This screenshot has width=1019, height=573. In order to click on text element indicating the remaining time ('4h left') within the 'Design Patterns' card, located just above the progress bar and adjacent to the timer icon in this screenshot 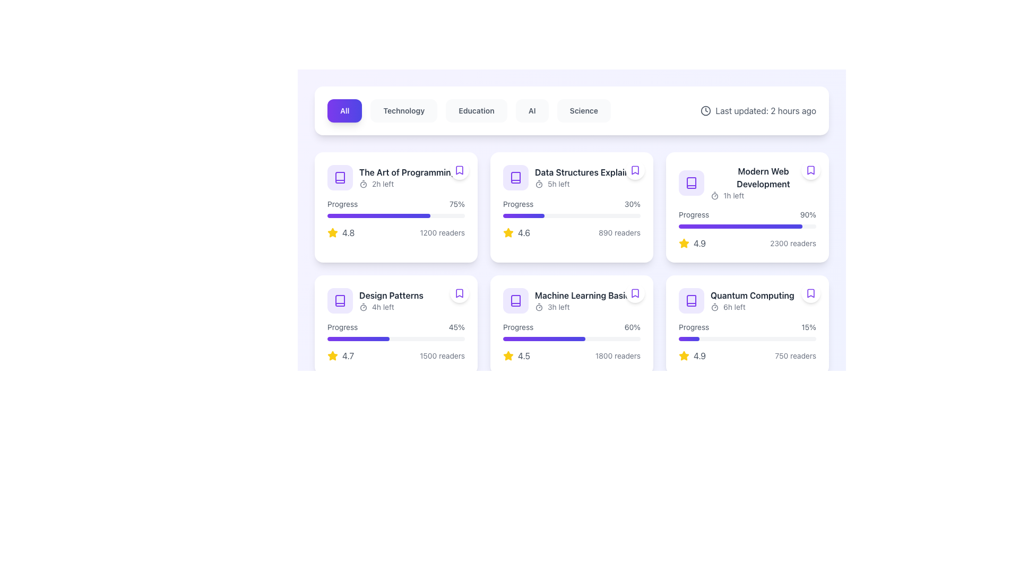, I will do `click(391, 307)`.